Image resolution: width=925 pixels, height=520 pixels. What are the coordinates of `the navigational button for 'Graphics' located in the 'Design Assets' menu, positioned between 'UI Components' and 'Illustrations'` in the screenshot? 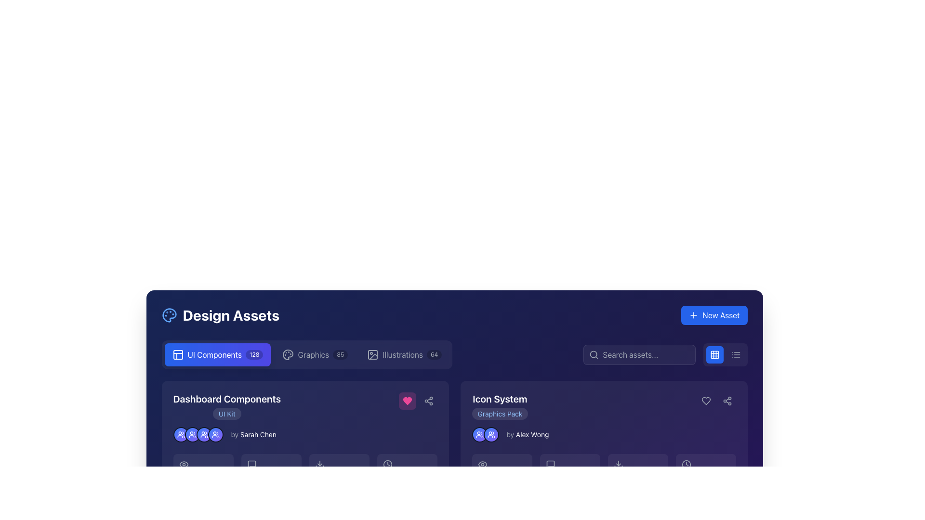 It's located at (315, 354).